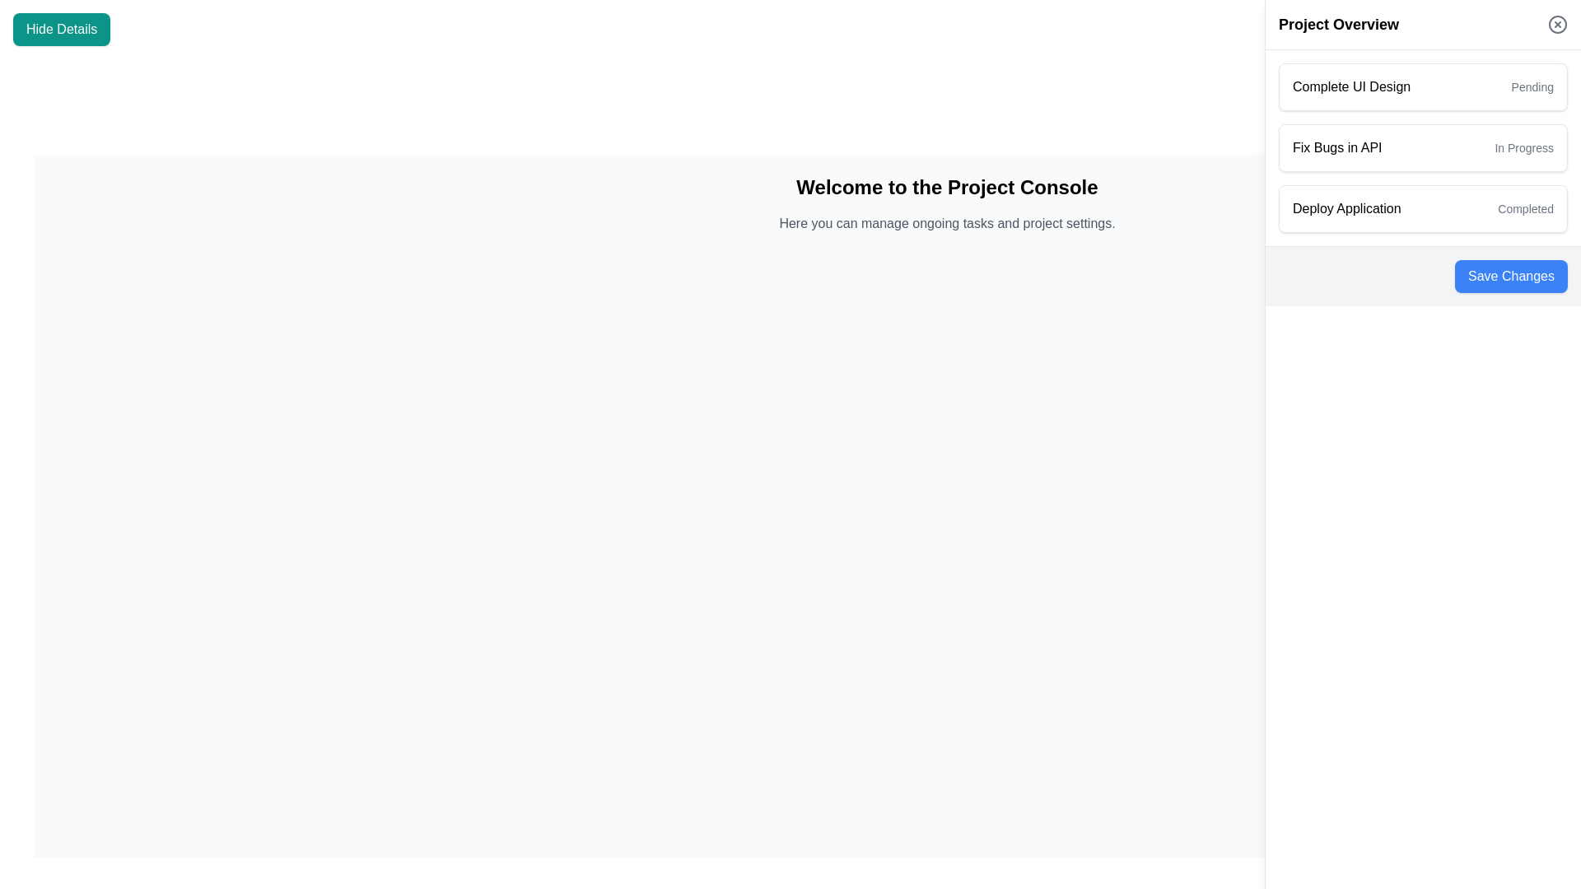 The width and height of the screenshot is (1581, 889). I want to click on the static informational card labeled 'Deploy Application' which shows a completion status of 'Completed', located in the right-hand panel under 'Project Overview', so click(1422, 208).